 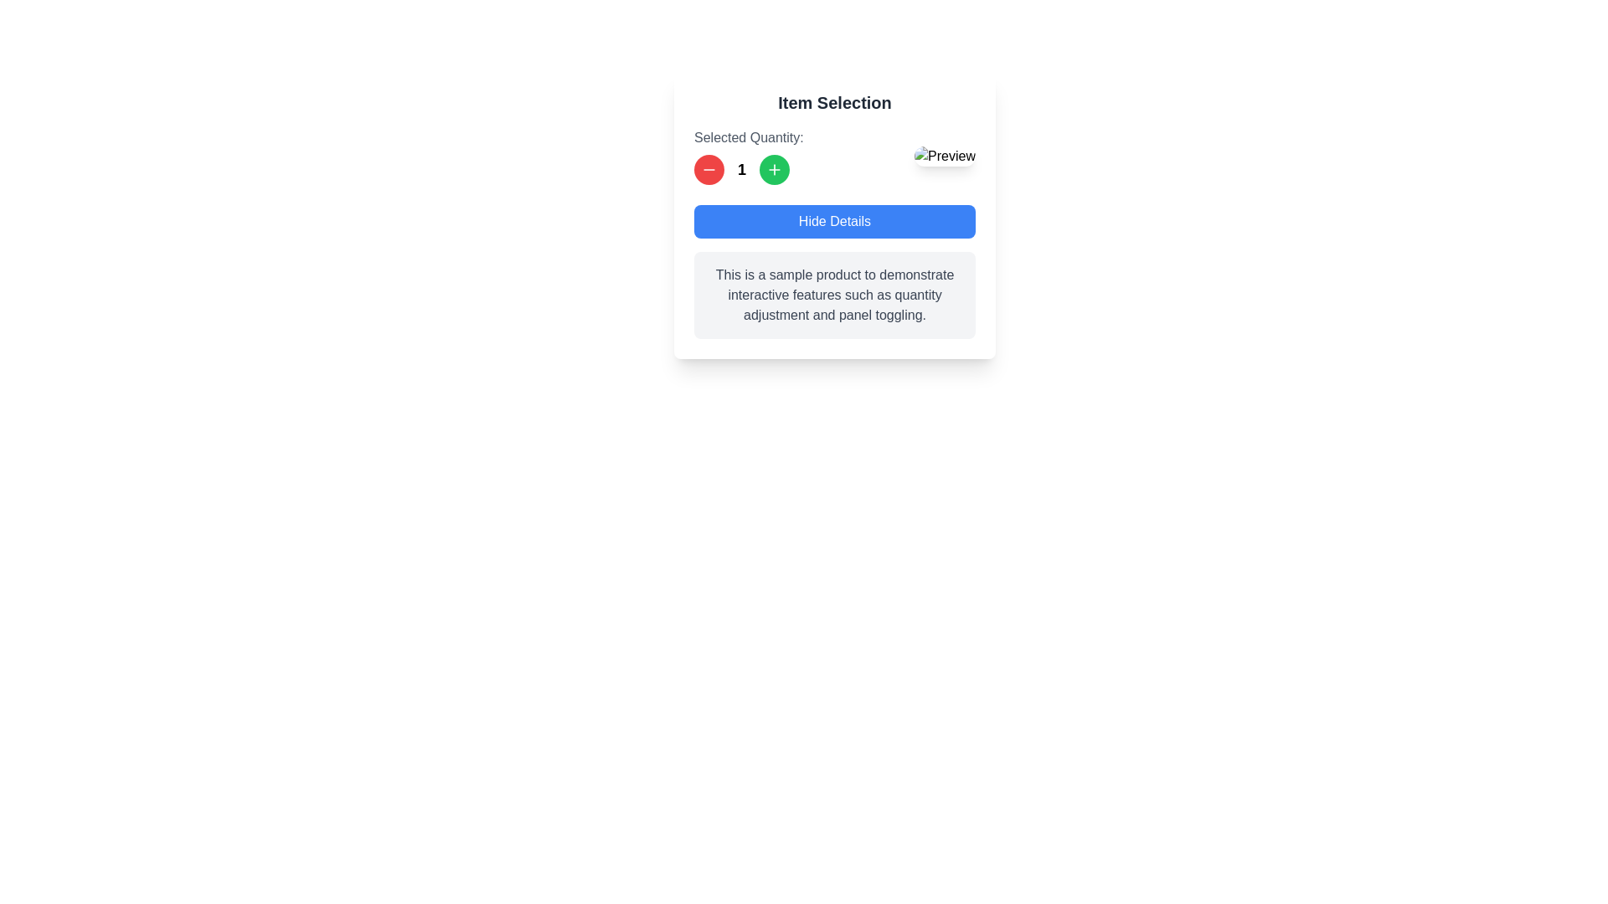 What do you see at coordinates (748, 156) in the screenshot?
I see `displayed quantity, which is the bold number '1' located centrally in the 'Selected Quantity' section, between the red minus button and the green plus button` at bounding box center [748, 156].